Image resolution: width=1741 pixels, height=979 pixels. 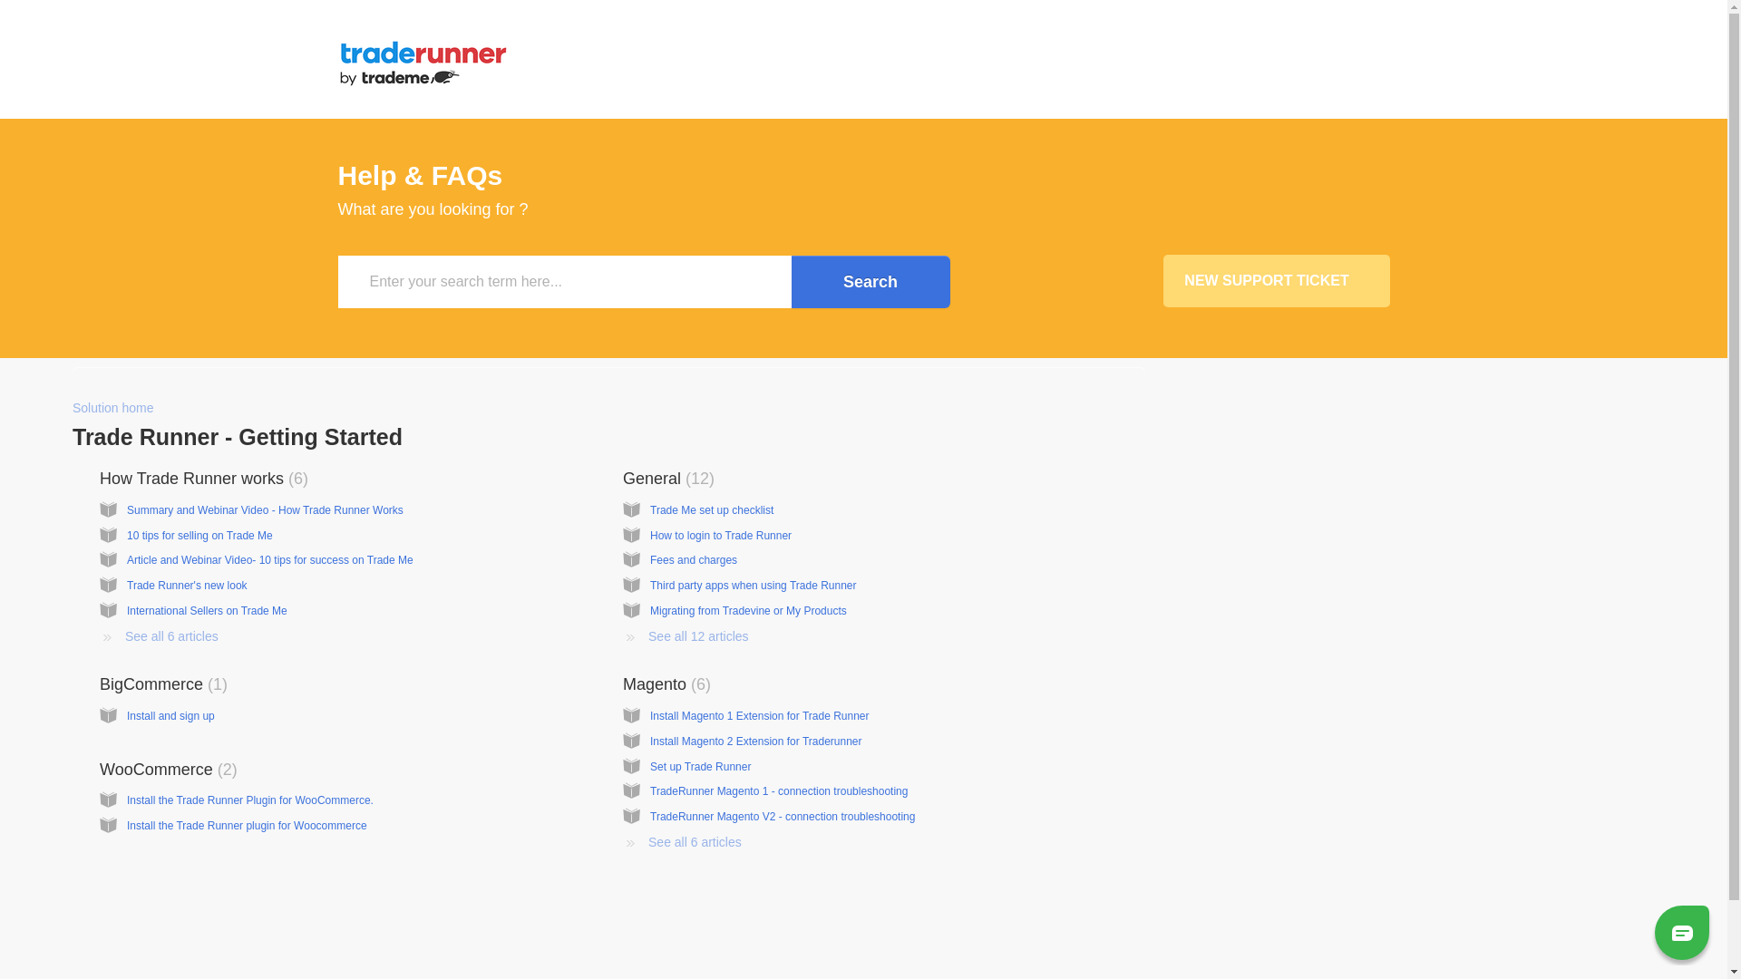 I want to click on 'See all 12 articles', so click(x=622, y=635).